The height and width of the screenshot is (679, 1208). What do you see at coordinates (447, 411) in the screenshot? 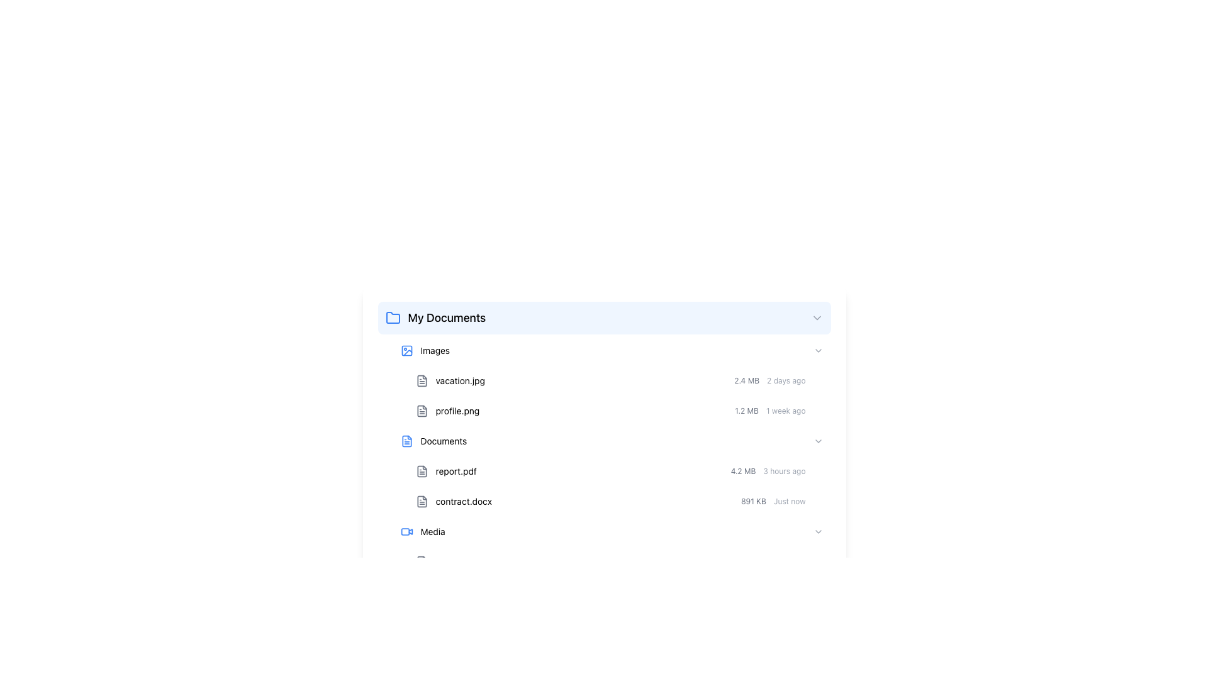
I see `and drop the file entry representation for 'profile.png', which is located in the 'Images' subsection under 'My Documents'` at bounding box center [447, 411].